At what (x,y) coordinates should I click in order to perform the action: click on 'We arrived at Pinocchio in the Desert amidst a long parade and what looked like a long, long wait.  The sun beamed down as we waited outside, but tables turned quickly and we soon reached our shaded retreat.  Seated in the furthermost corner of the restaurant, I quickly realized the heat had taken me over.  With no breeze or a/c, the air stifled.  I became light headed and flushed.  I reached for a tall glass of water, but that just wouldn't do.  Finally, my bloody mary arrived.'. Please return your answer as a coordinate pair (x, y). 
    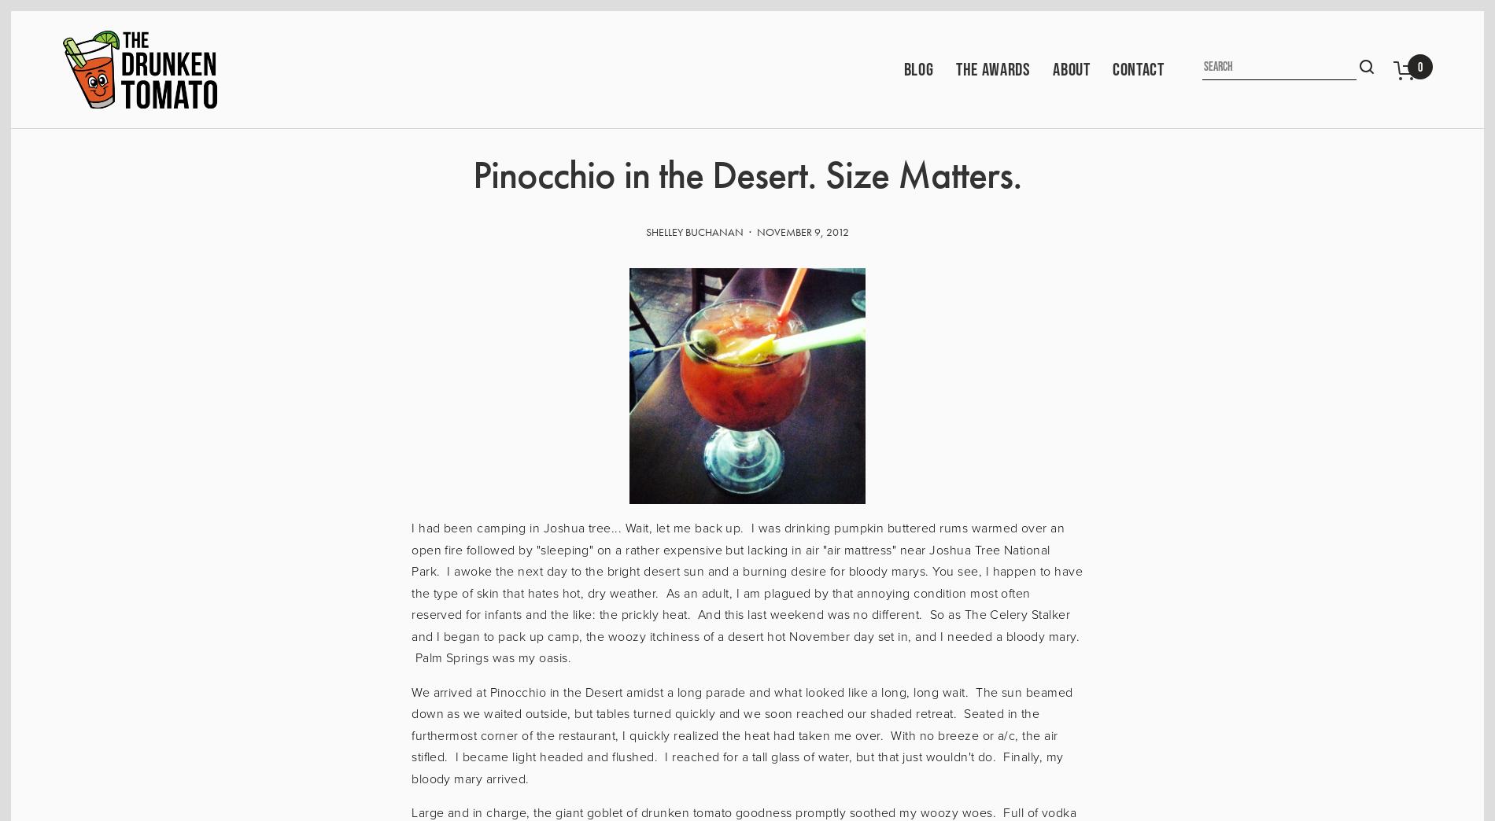
    Looking at the image, I should click on (740, 734).